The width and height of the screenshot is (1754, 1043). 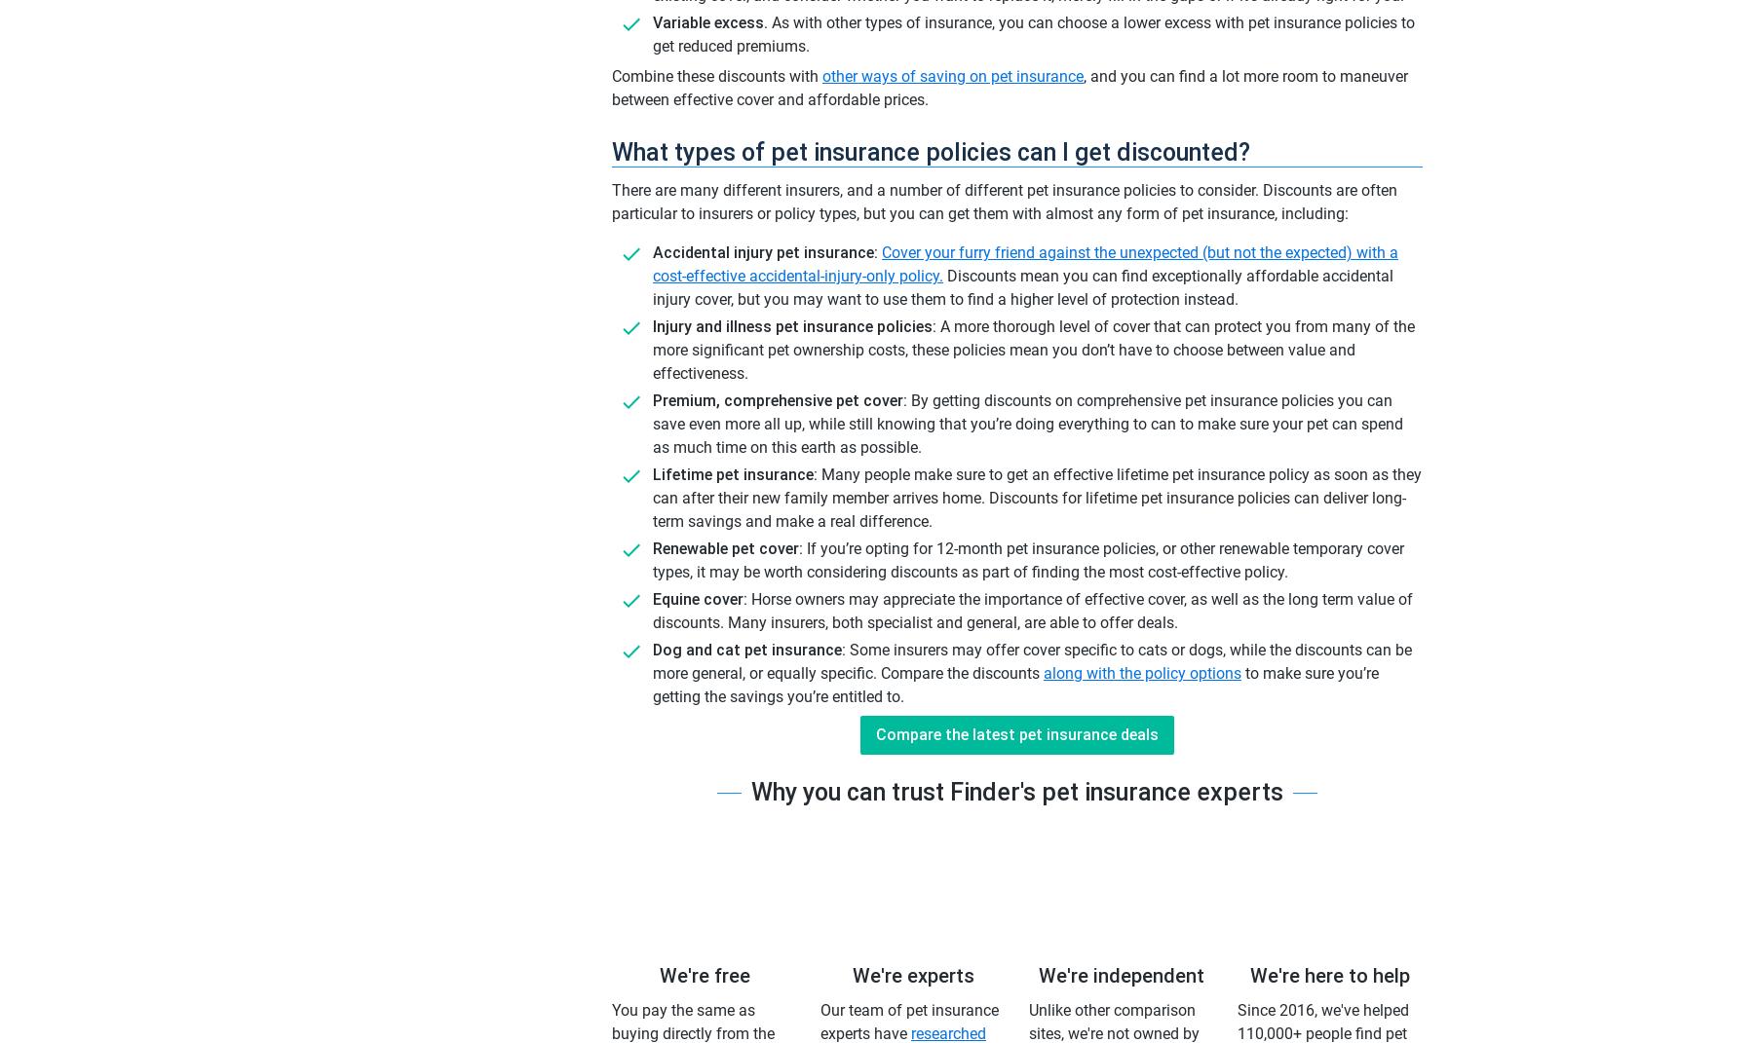 I want to click on 'Combine these discounts with', so click(x=716, y=76).